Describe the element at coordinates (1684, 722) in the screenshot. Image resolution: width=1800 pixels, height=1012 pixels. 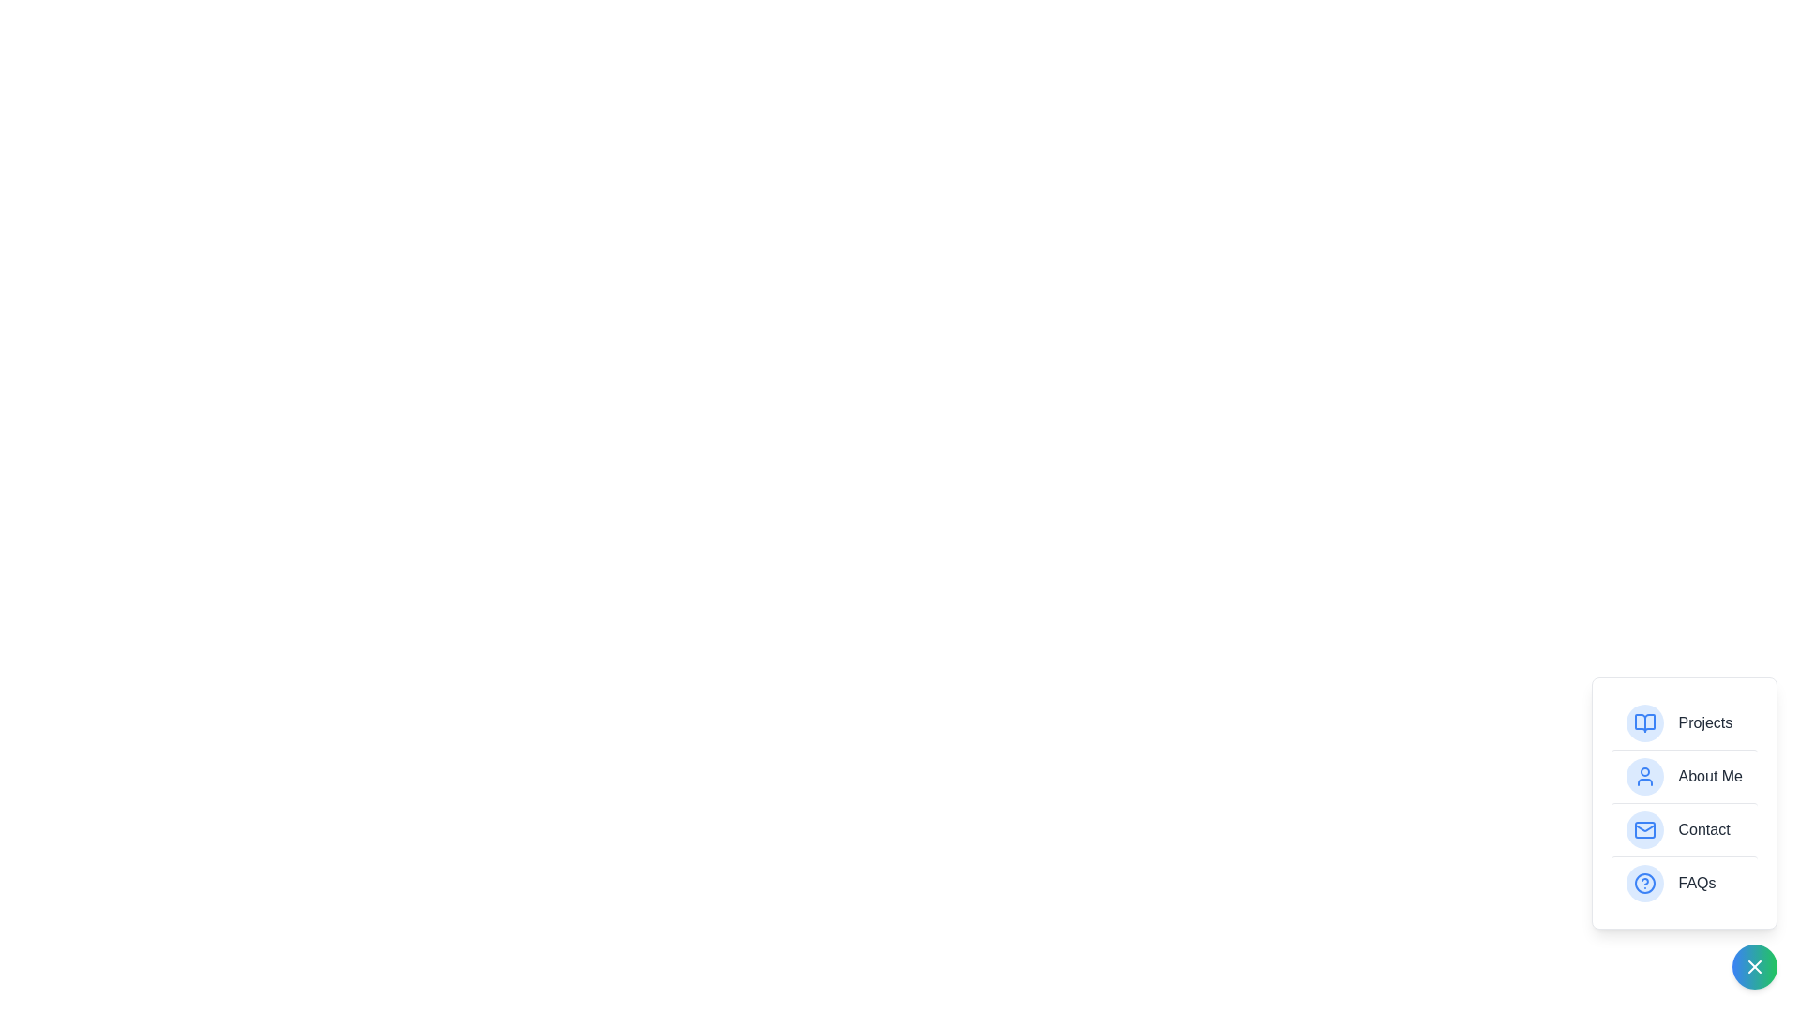
I see `the item labeled Projects to highlight it` at that location.